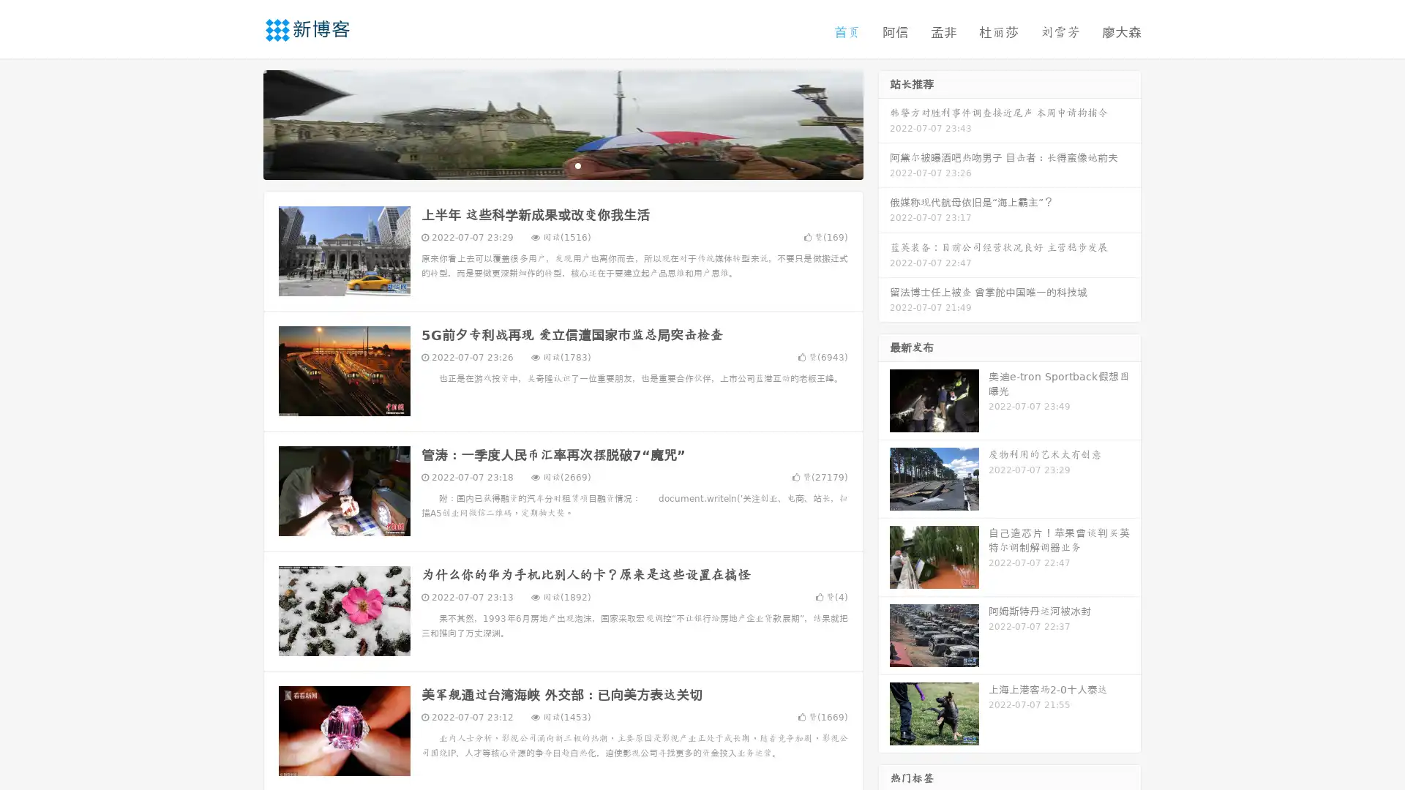 This screenshot has height=790, width=1405. Describe the element at coordinates (577, 165) in the screenshot. I see `Go to slide 3` at that location.